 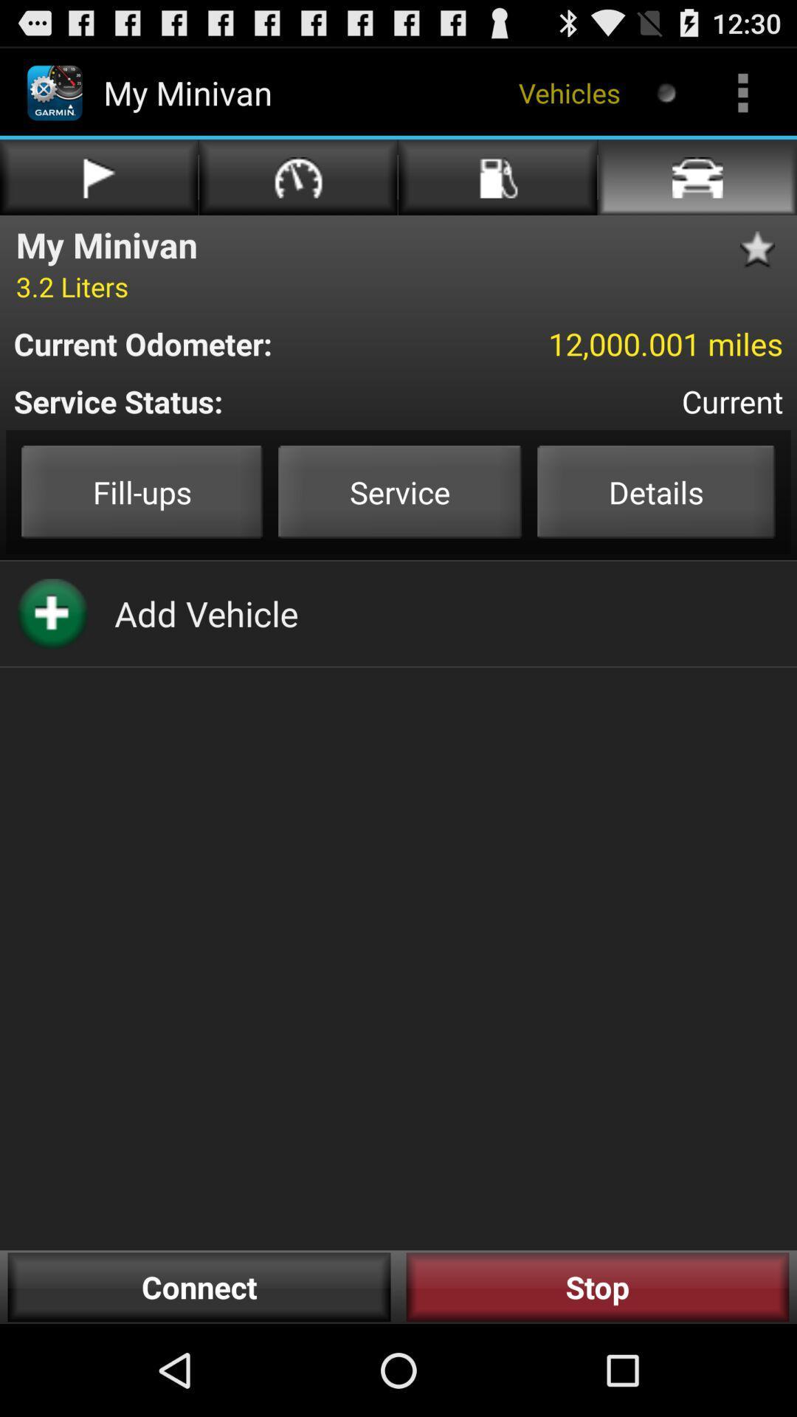 I want to click on the app above service status: app, so click(x=212, y=342).